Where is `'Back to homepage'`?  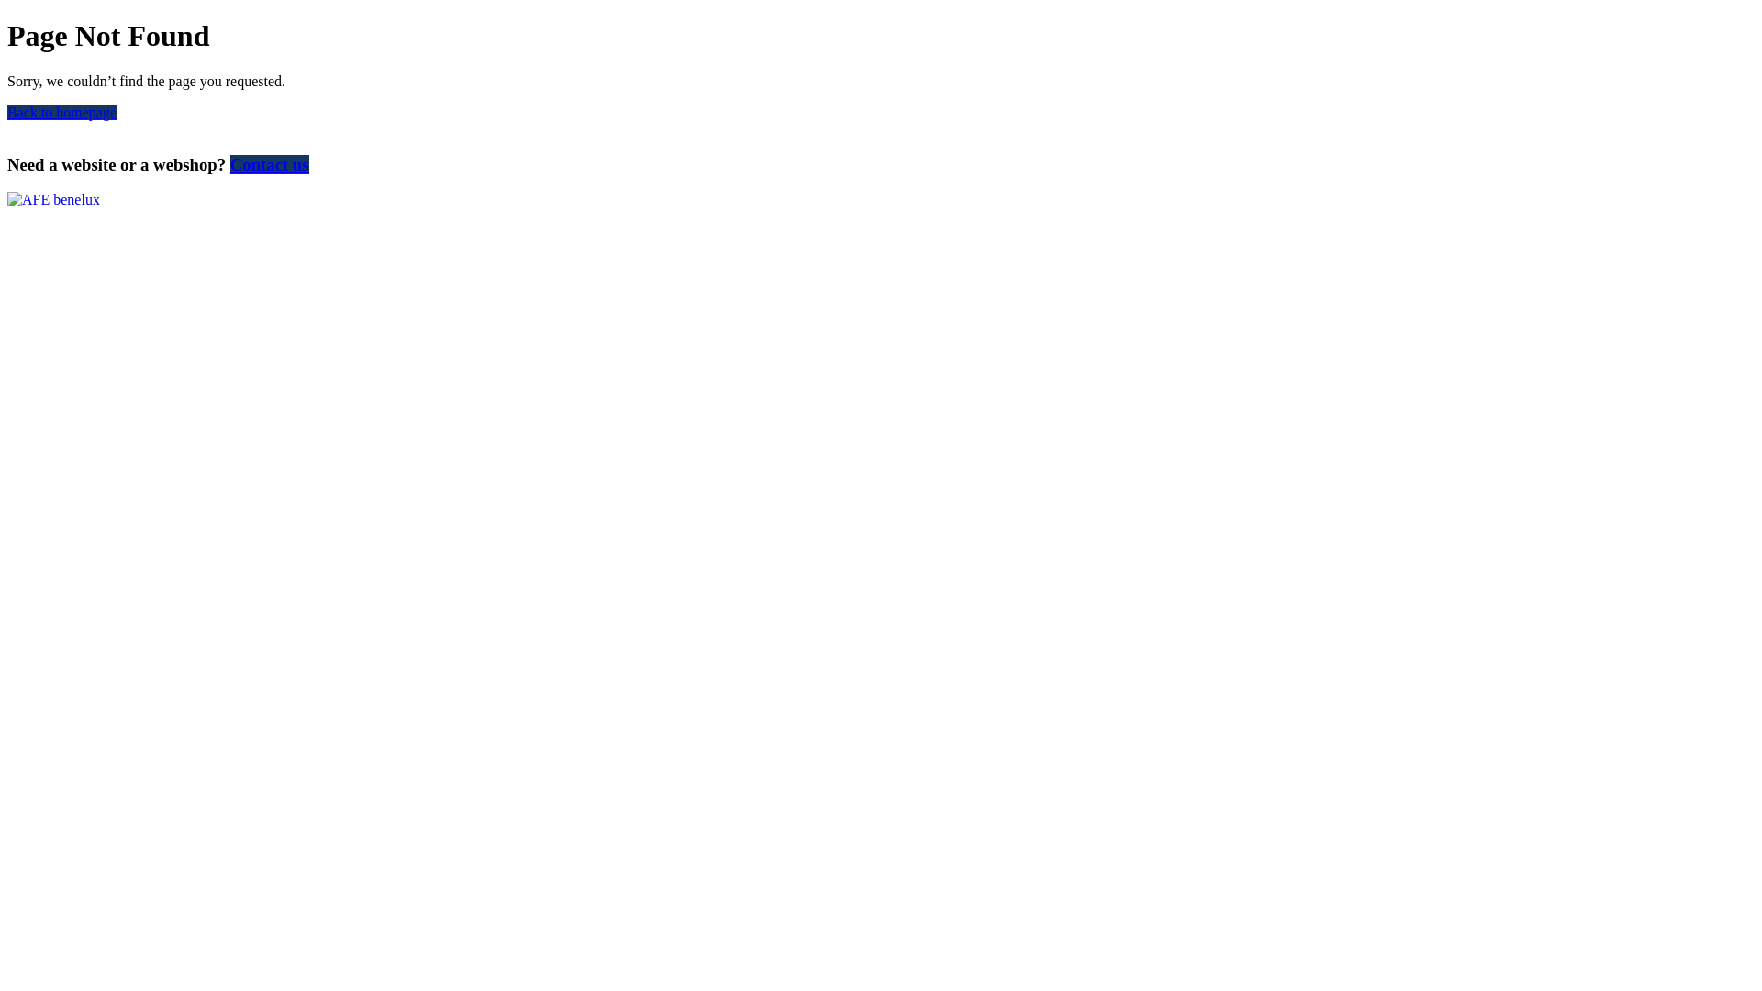
'Back to homepage' is located at coordinates (61, 112).